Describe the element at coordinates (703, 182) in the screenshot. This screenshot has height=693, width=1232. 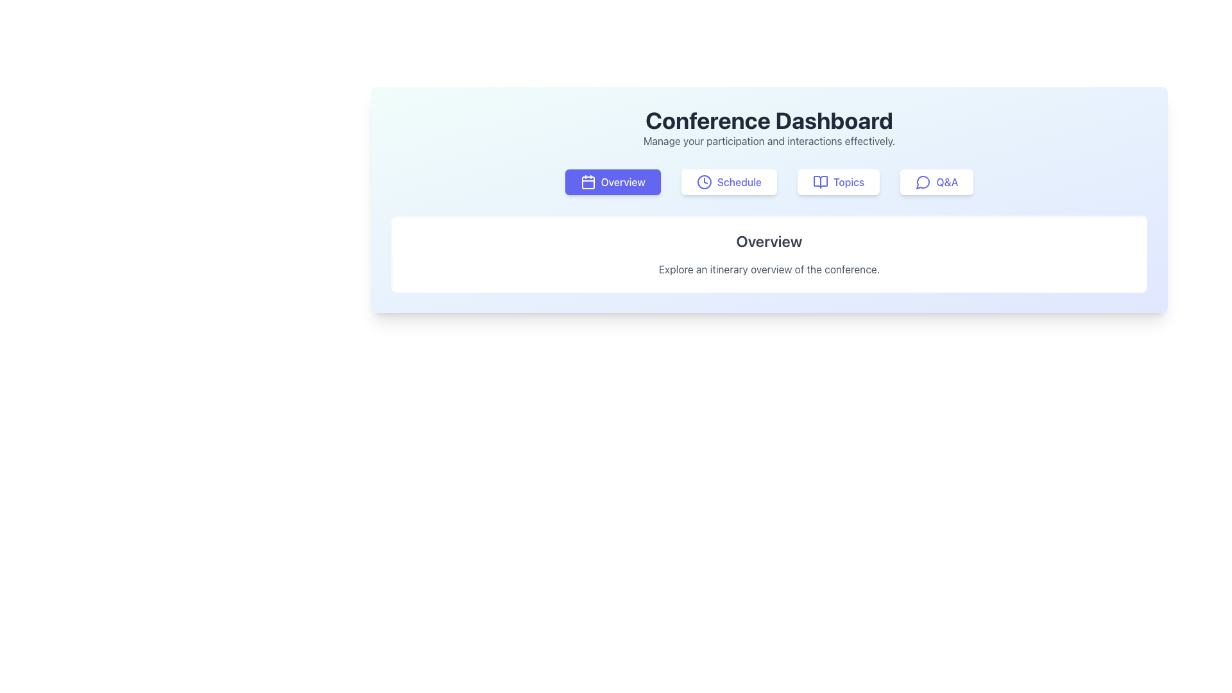
I see `the circular icon within the clock icon located in the 'Schedule' button, which is the second button from the left in the horizontal navigation bar` at that location.